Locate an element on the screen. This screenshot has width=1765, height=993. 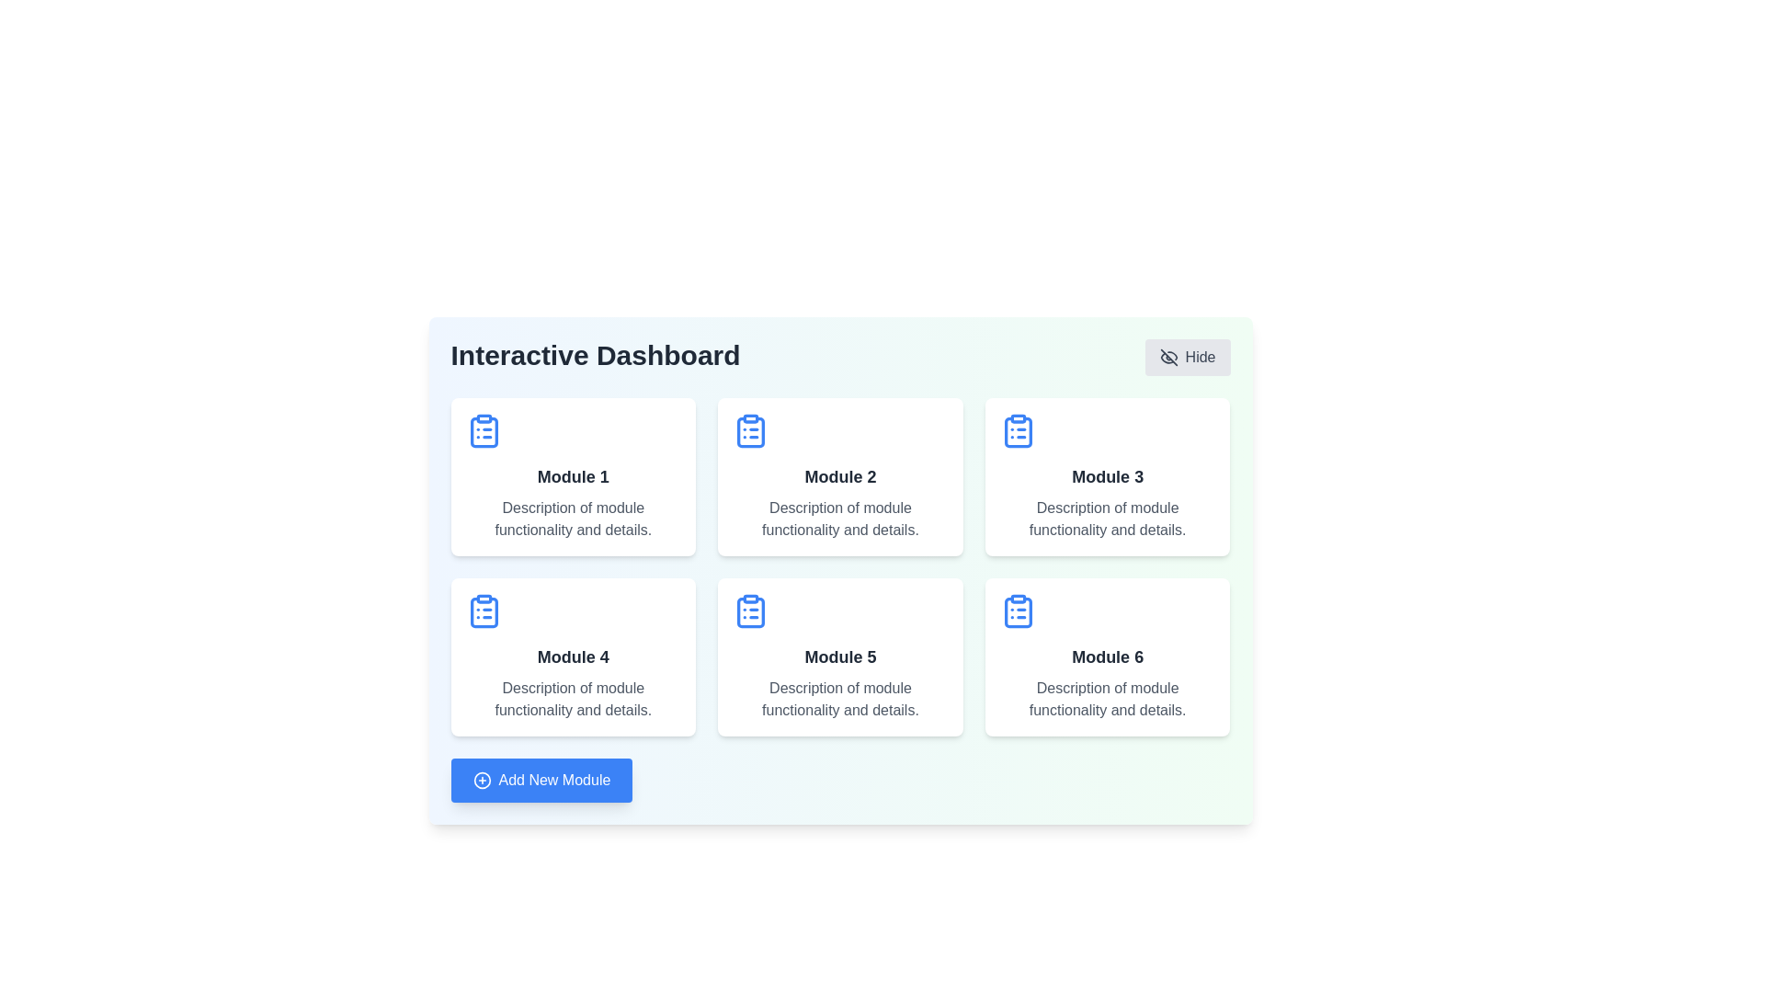
the clipboard icon located at the top-left corner of the 'Module 2' card, which is the second card in the grid layout is located at coordinates (751, 431).